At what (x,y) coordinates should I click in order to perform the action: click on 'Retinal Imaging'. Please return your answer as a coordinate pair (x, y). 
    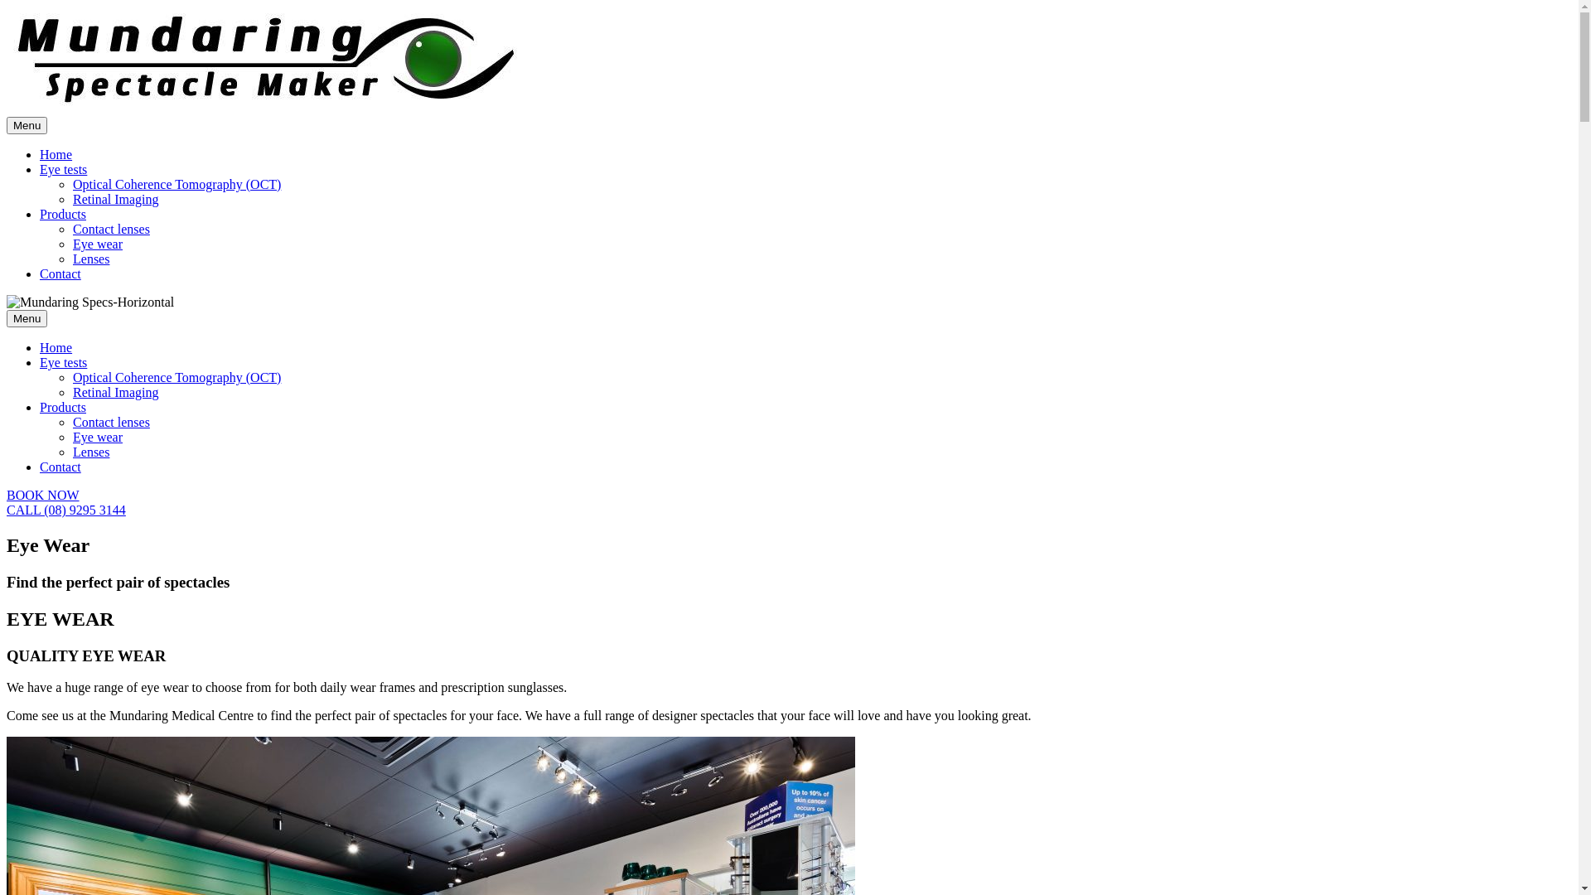
    Looking at the image, I should click on (114, 392).